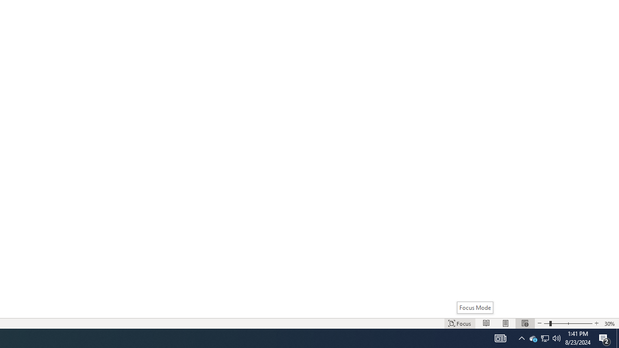 Image resolution: width=619 pixels, height=348 pixels. Describe the element at coordinates (609, 323) in the screenshot. I see `'Zoom 30%'` at that location.